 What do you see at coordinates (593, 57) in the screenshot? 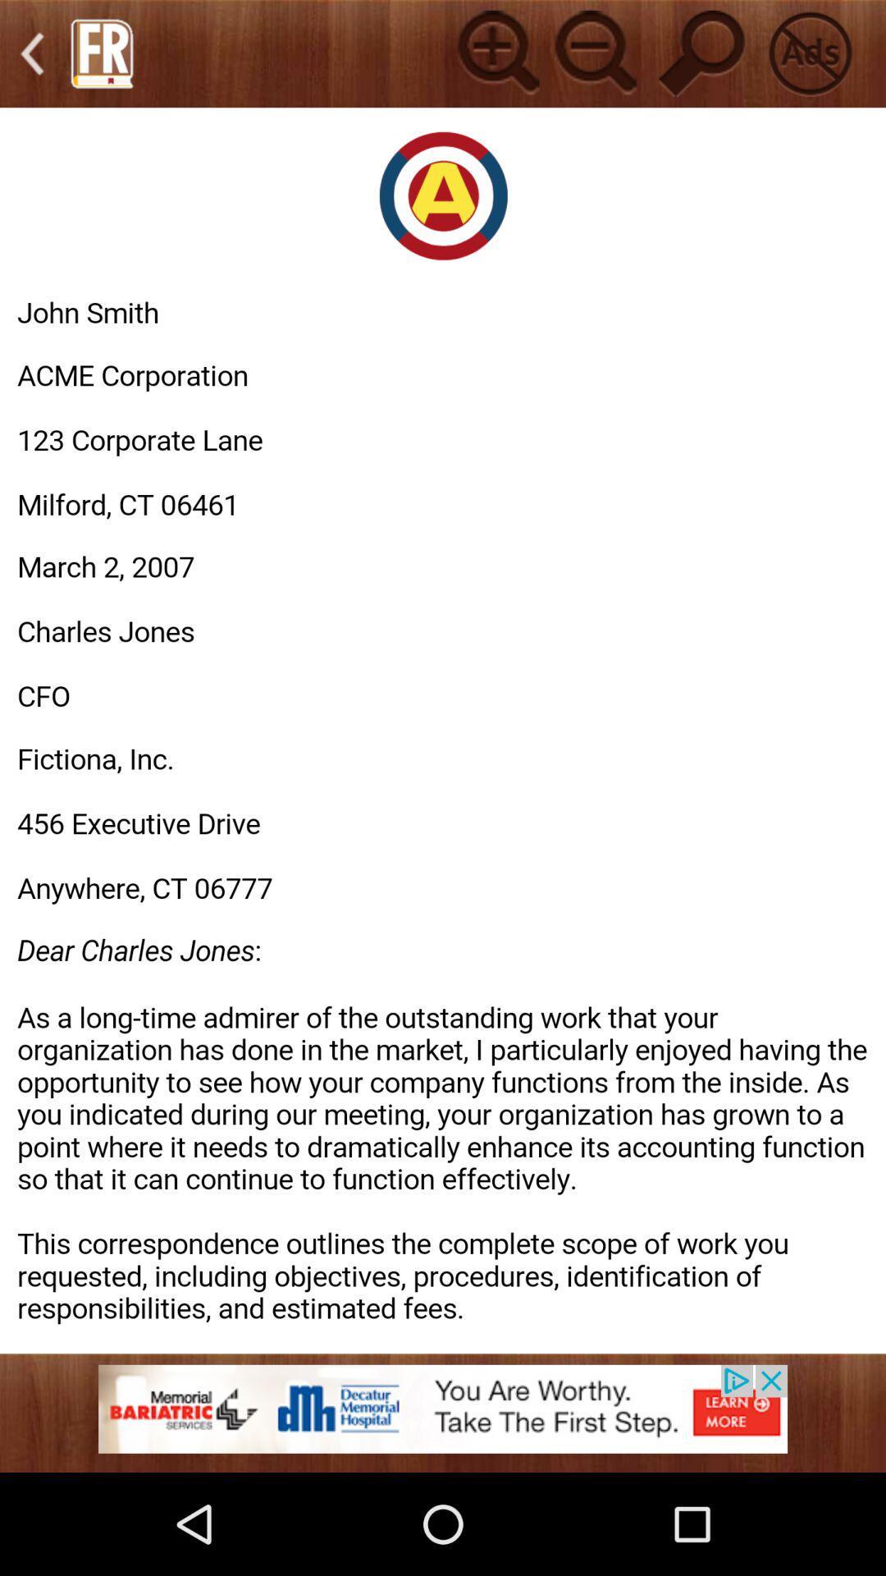
I see `the zoom_out icon` at bounding box center [593, 57].